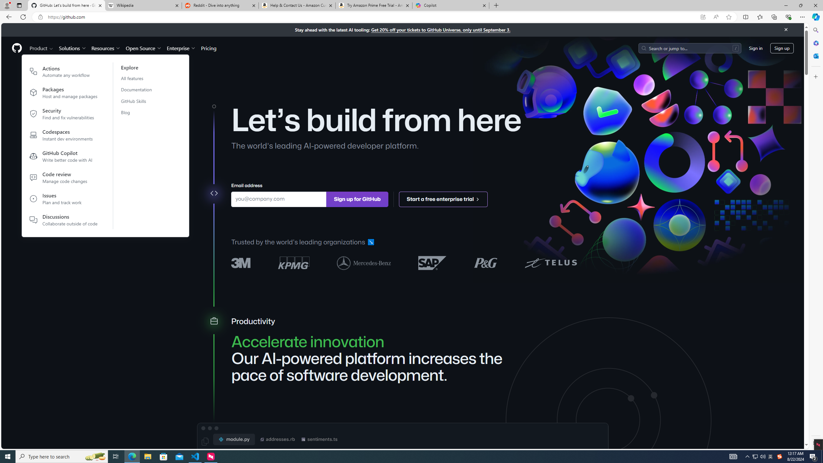  I want to click on 'GitHub CopilotWrite better code with AI', so click(63, 158).